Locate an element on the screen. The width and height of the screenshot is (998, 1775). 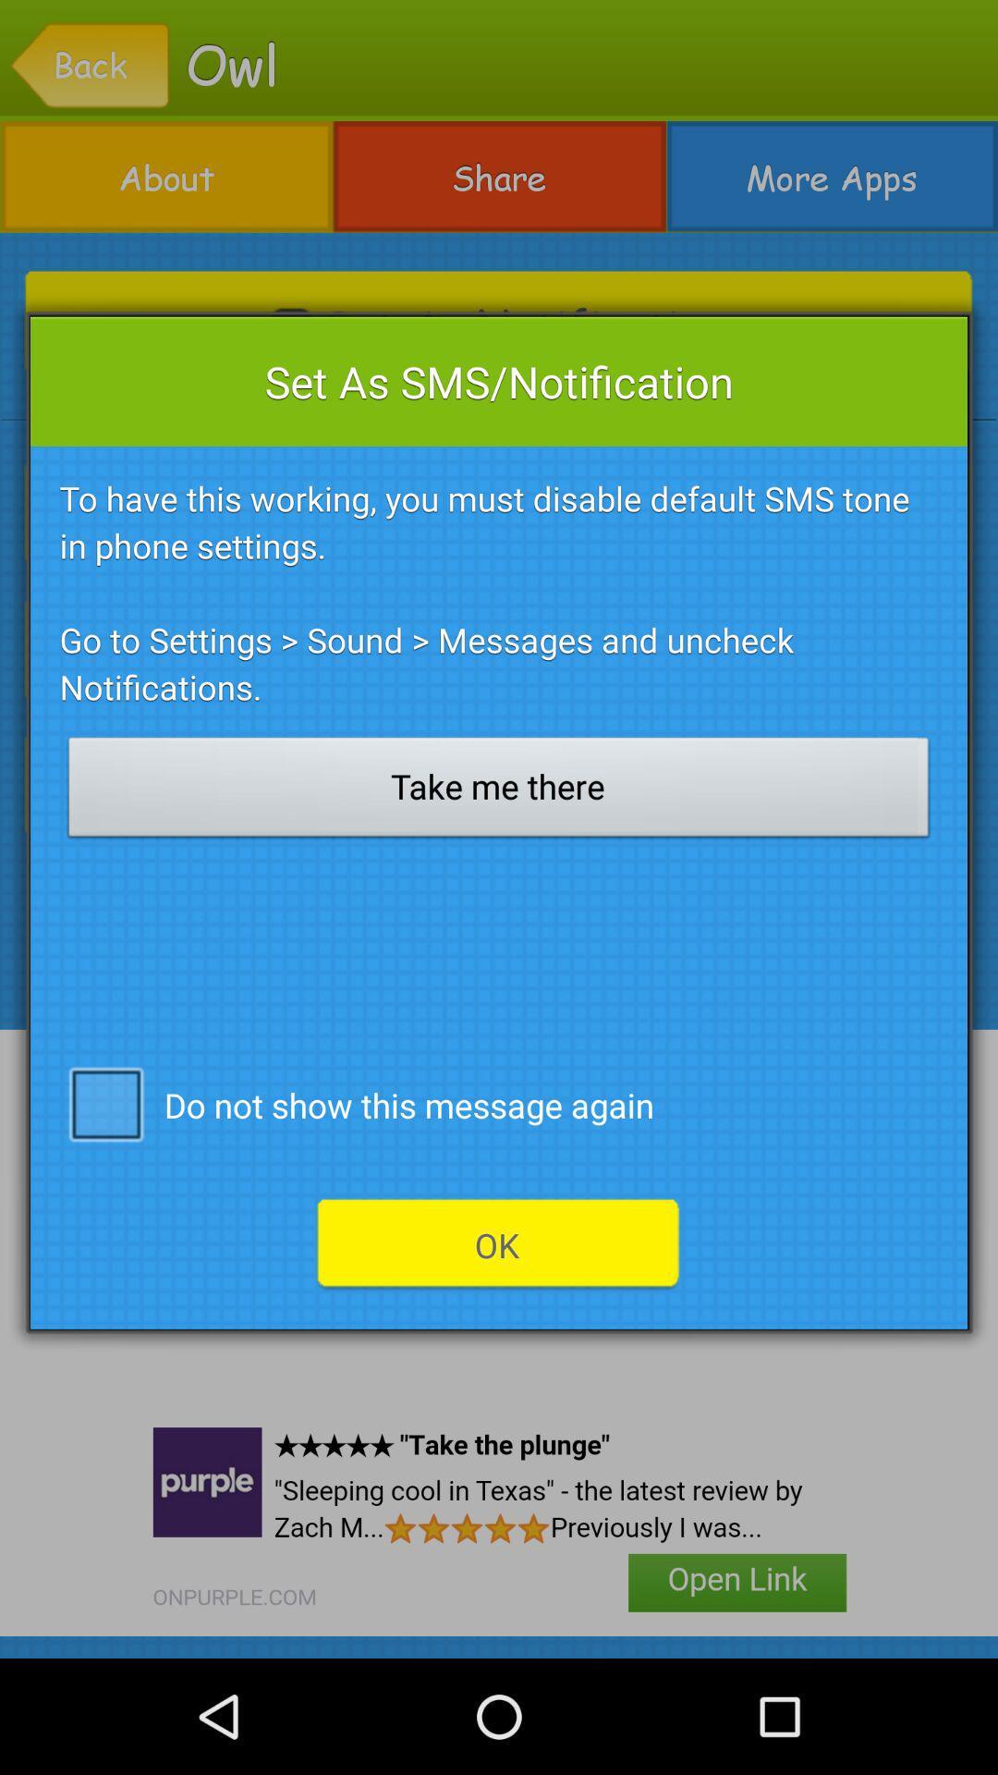
icon below to have this is located at coordinates (499, 792).